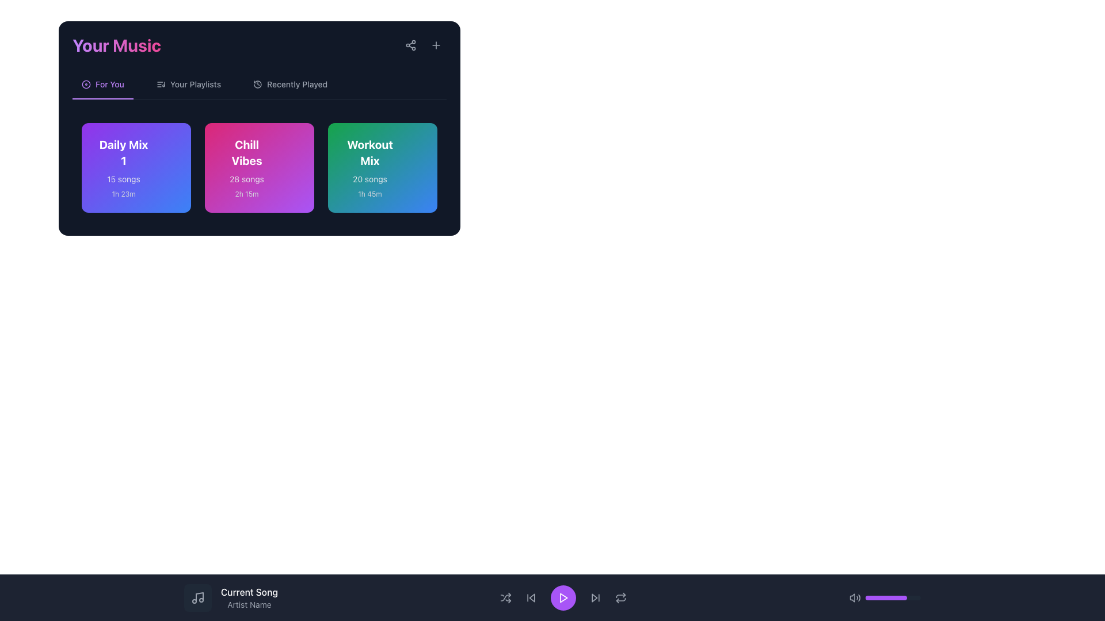 Image resolution: width=1105 pixels, height=621 pixels. Describe the element at coordinates (198, 597) in the screenshot. I see `the music icon located in the bottom-left corner of the footer section, which represents the currently playing song` at that location.